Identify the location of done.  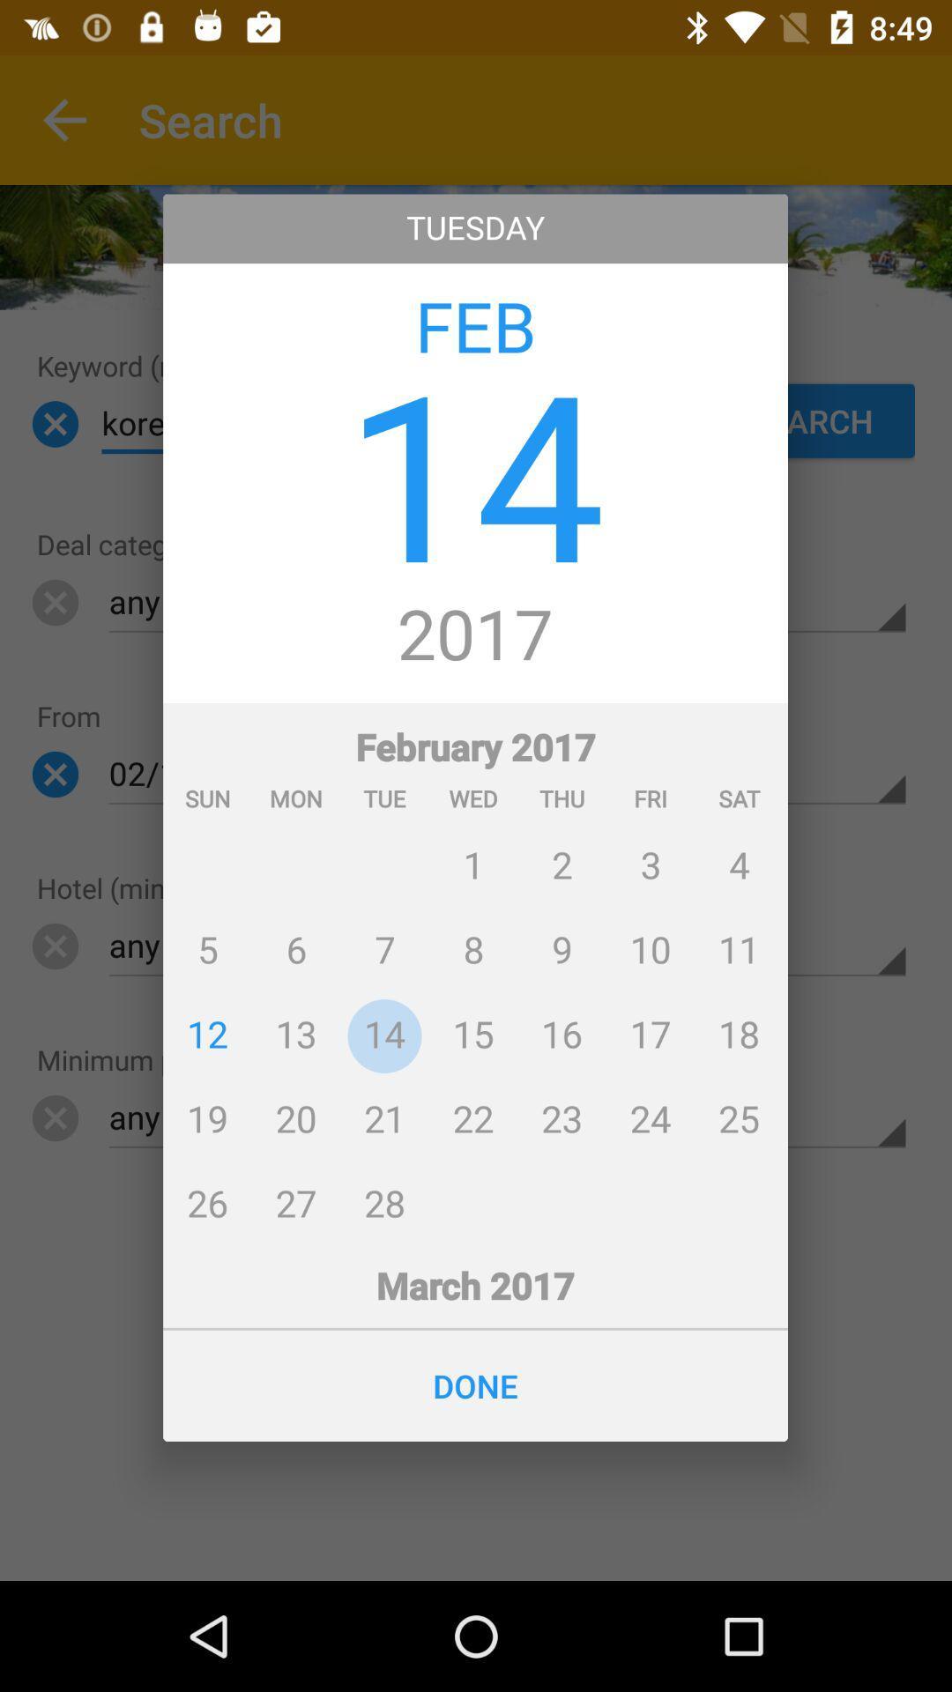
(474, 1384).